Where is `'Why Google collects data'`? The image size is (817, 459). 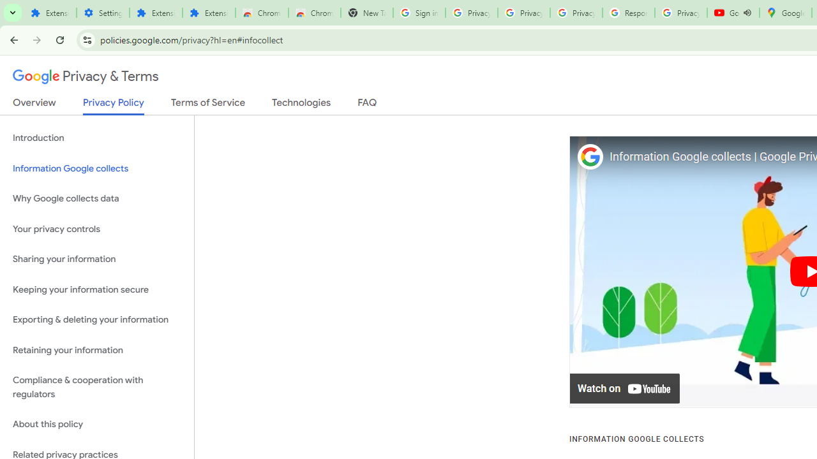
'Why Google collects data' is located at coordinates (96, 199).